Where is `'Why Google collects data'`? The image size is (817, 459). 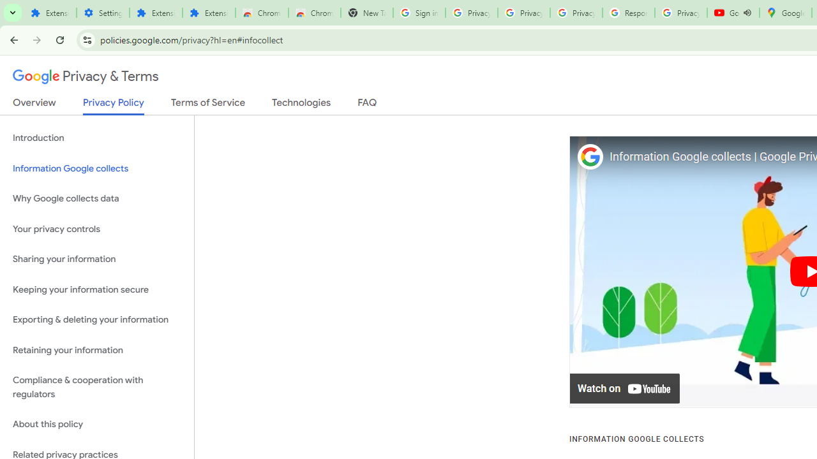
'Why Google collects data' is located at coordinates (96, 199).